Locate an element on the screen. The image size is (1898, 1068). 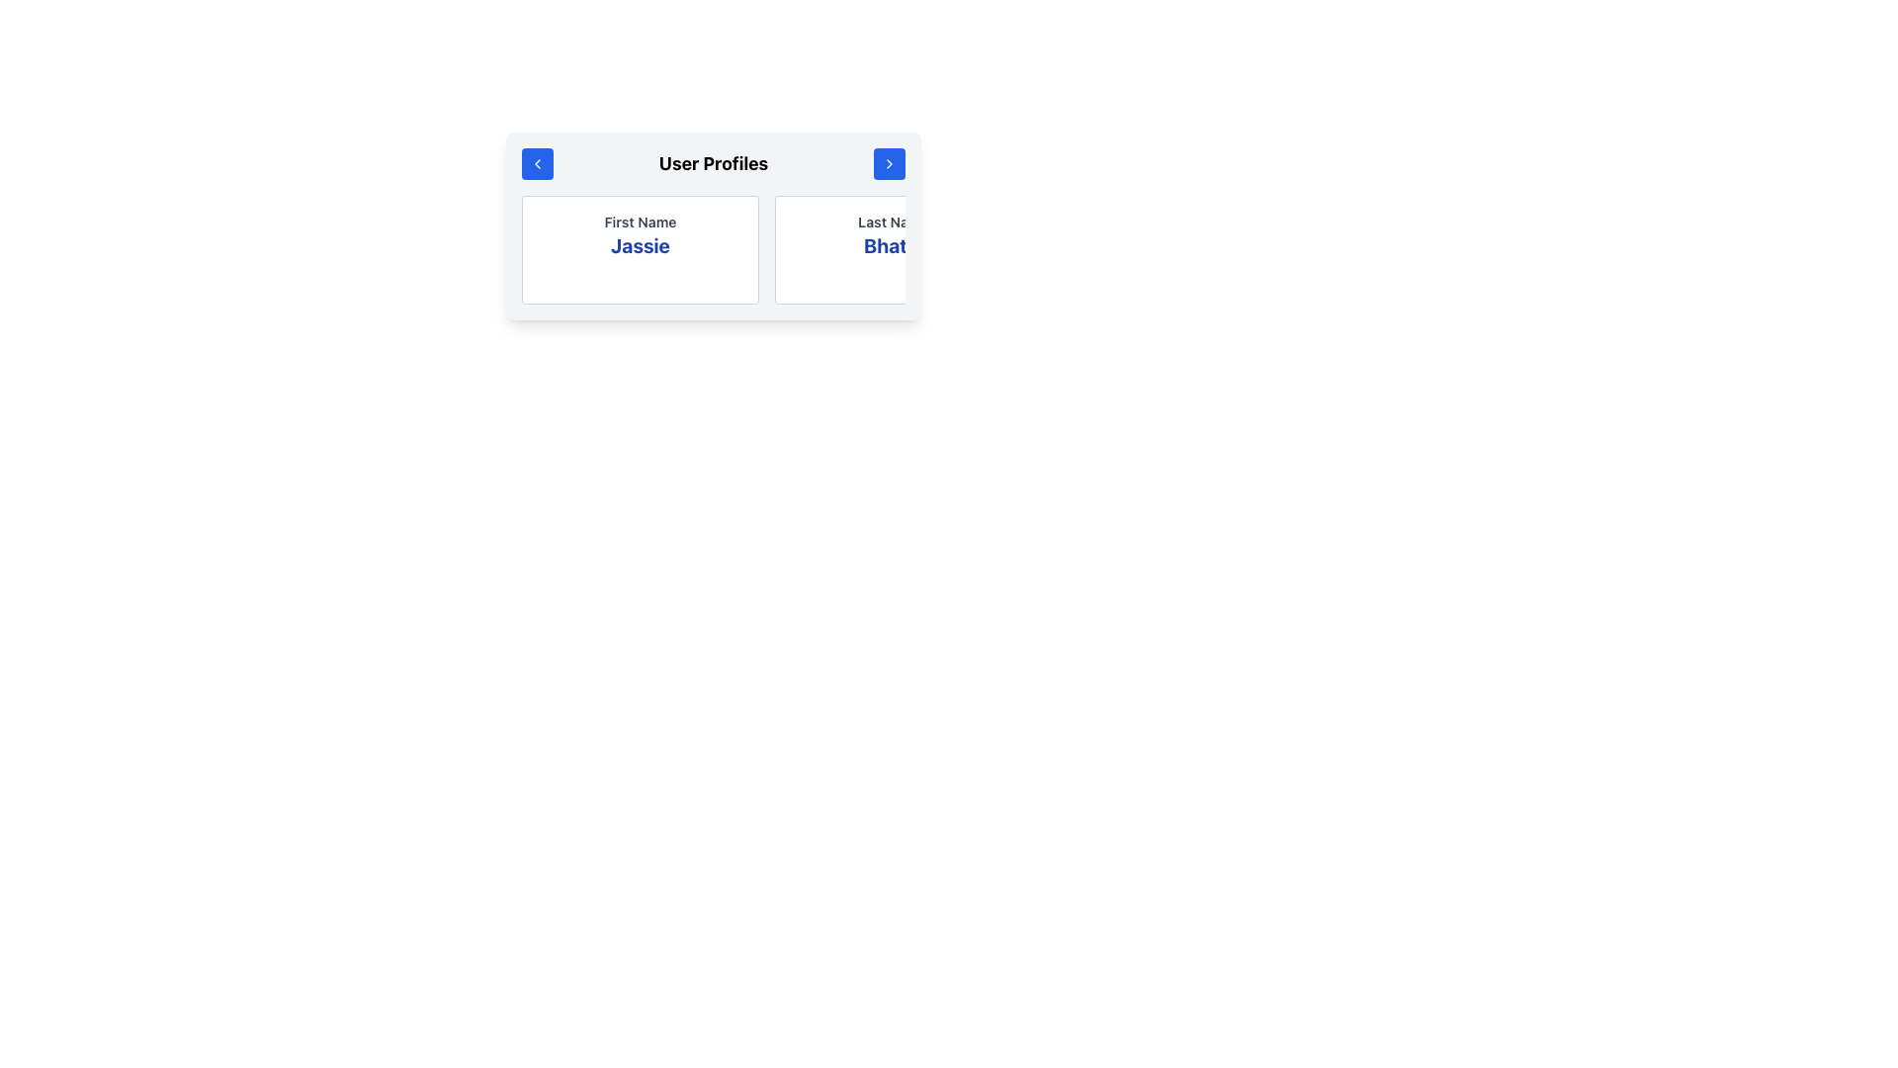
the 'Last Name' text element, which is styled with a small font size, bolded, and dark gray in color, located above the 'Bhatia' text in the 'User Profiles' section is located at coordinates (892, 222).